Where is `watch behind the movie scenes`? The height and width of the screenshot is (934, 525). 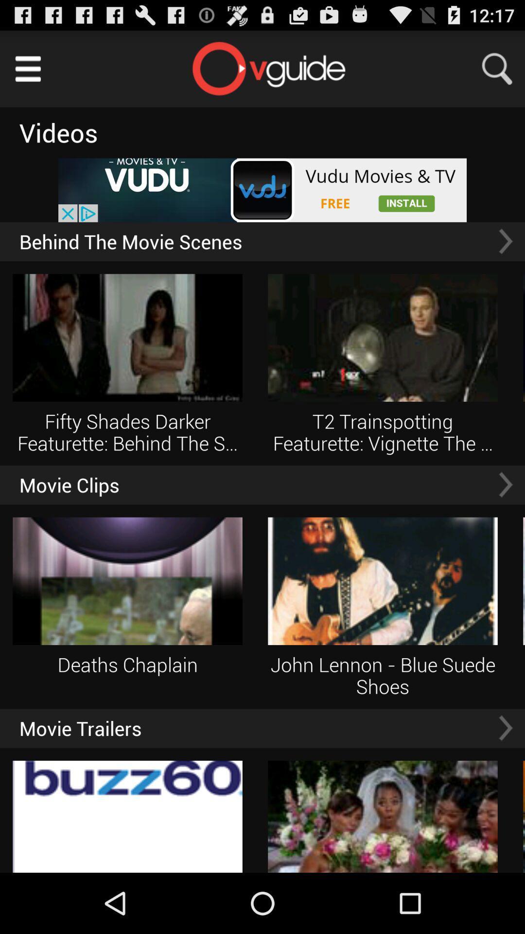
watch behind the movie scenes is located at coordinates (505, 241).